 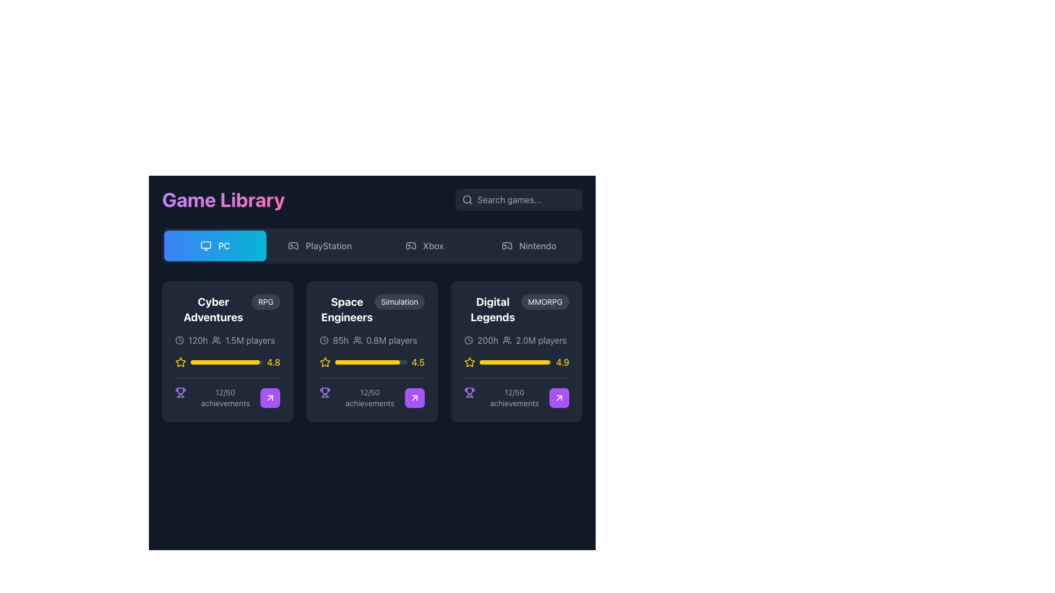 What do you see at coordinates (206, 245) in the screenshot?
I see `the decorative SVG icon located to the left of the 'PC' label in the platform selection row, which enhances the clarity of the interface design` at bounding box center [206, 245].